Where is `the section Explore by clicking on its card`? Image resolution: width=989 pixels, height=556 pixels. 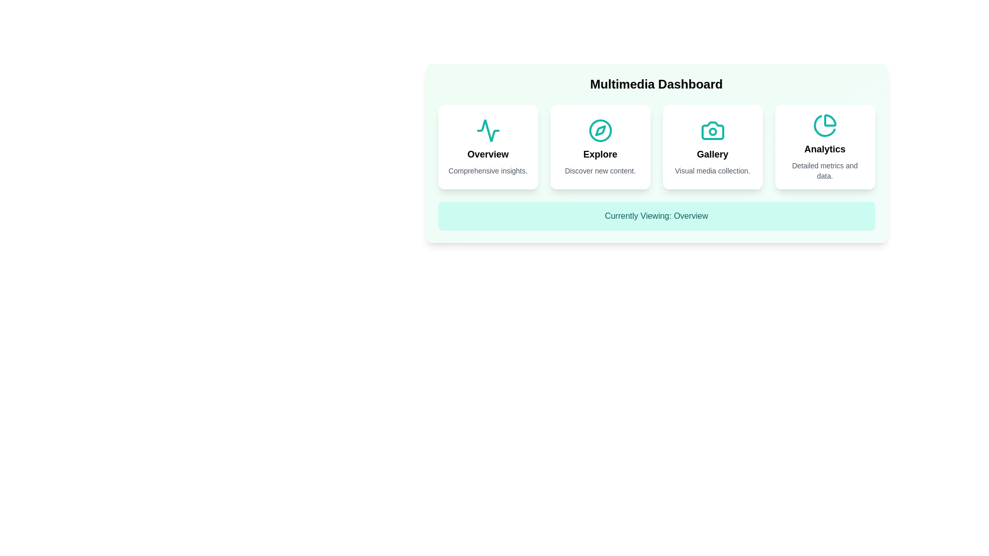 the section Explore by clicking on its card is located at coordinates (600, 147).